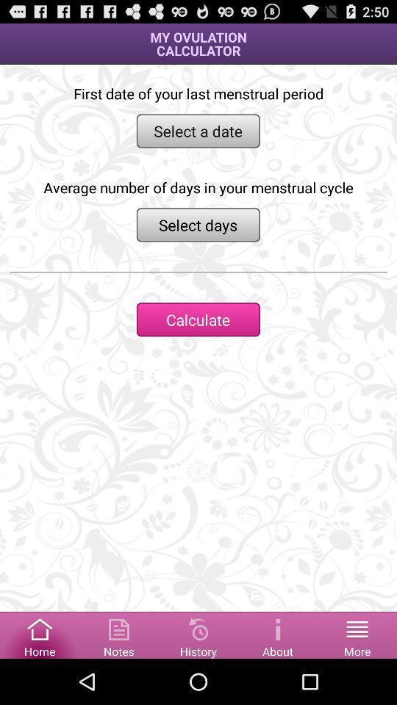 The width and height of the screenshot is (397, 705). Describe the element at coordinates (118, 634) in the screenshot. I see `a note` at that location.